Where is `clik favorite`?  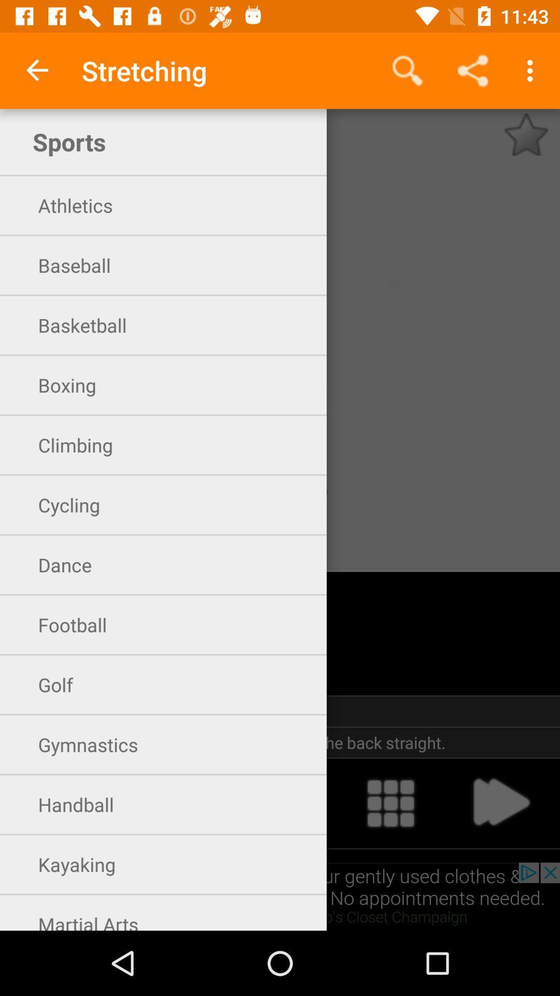 clik favorite is located at coordinates (526, 134).